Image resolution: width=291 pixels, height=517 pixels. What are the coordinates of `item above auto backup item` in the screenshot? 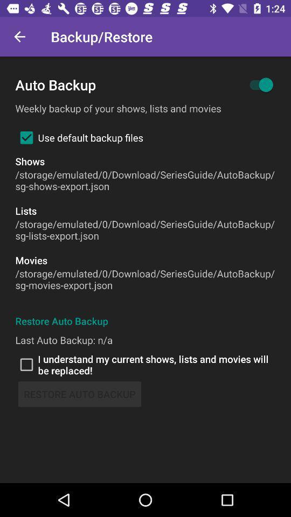 It's located at (19, 37).